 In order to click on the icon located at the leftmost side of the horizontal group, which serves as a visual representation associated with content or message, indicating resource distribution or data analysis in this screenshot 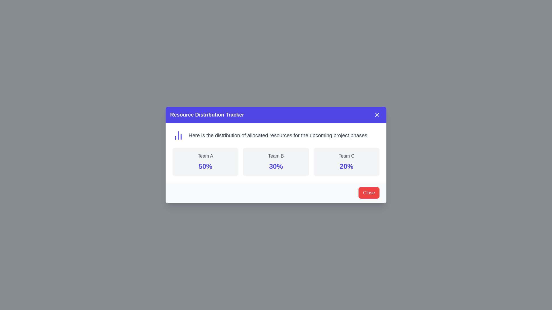, I will do `click(178, 135)`.